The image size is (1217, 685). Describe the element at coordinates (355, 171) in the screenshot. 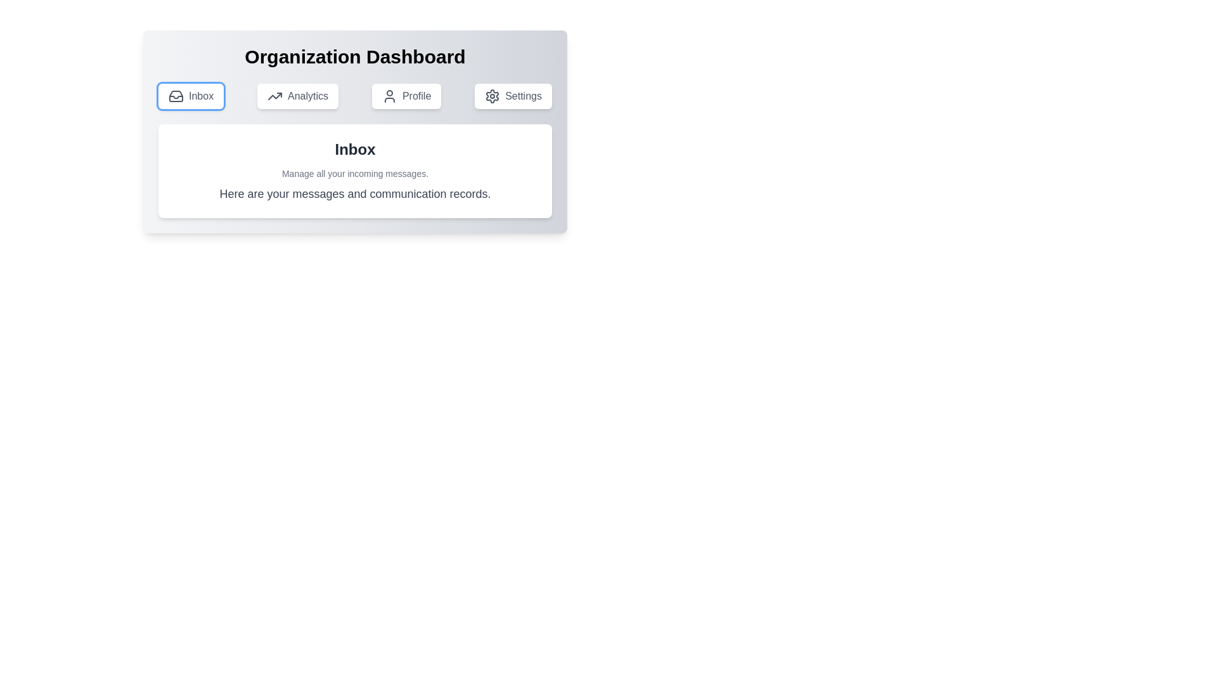

I see `description from the informational panel located below the navigation buttons, which provides an overview of the 'Inbox' section` at that location.